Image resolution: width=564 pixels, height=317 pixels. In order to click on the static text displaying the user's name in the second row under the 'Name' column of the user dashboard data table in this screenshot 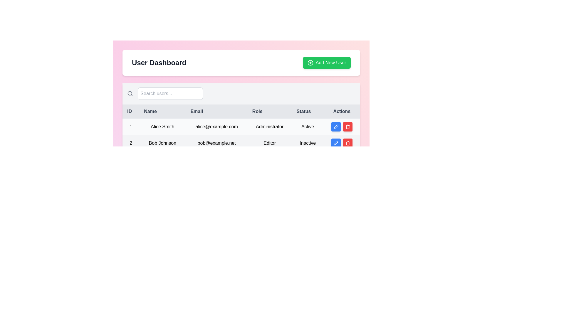, I will do `click(162, 143)`.